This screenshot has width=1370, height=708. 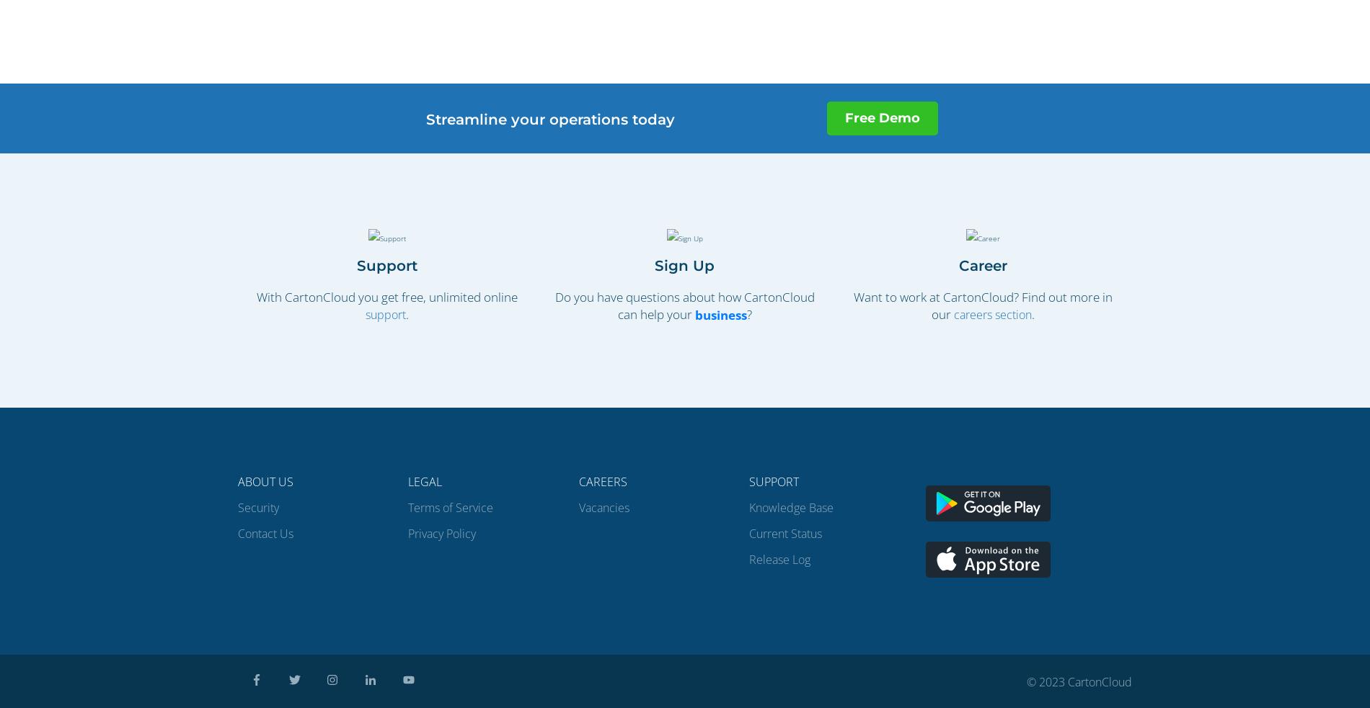 What do you see at coordinates (257, 506) in the screenshot?
I see `'Security'` at bounding box center [257, 506].